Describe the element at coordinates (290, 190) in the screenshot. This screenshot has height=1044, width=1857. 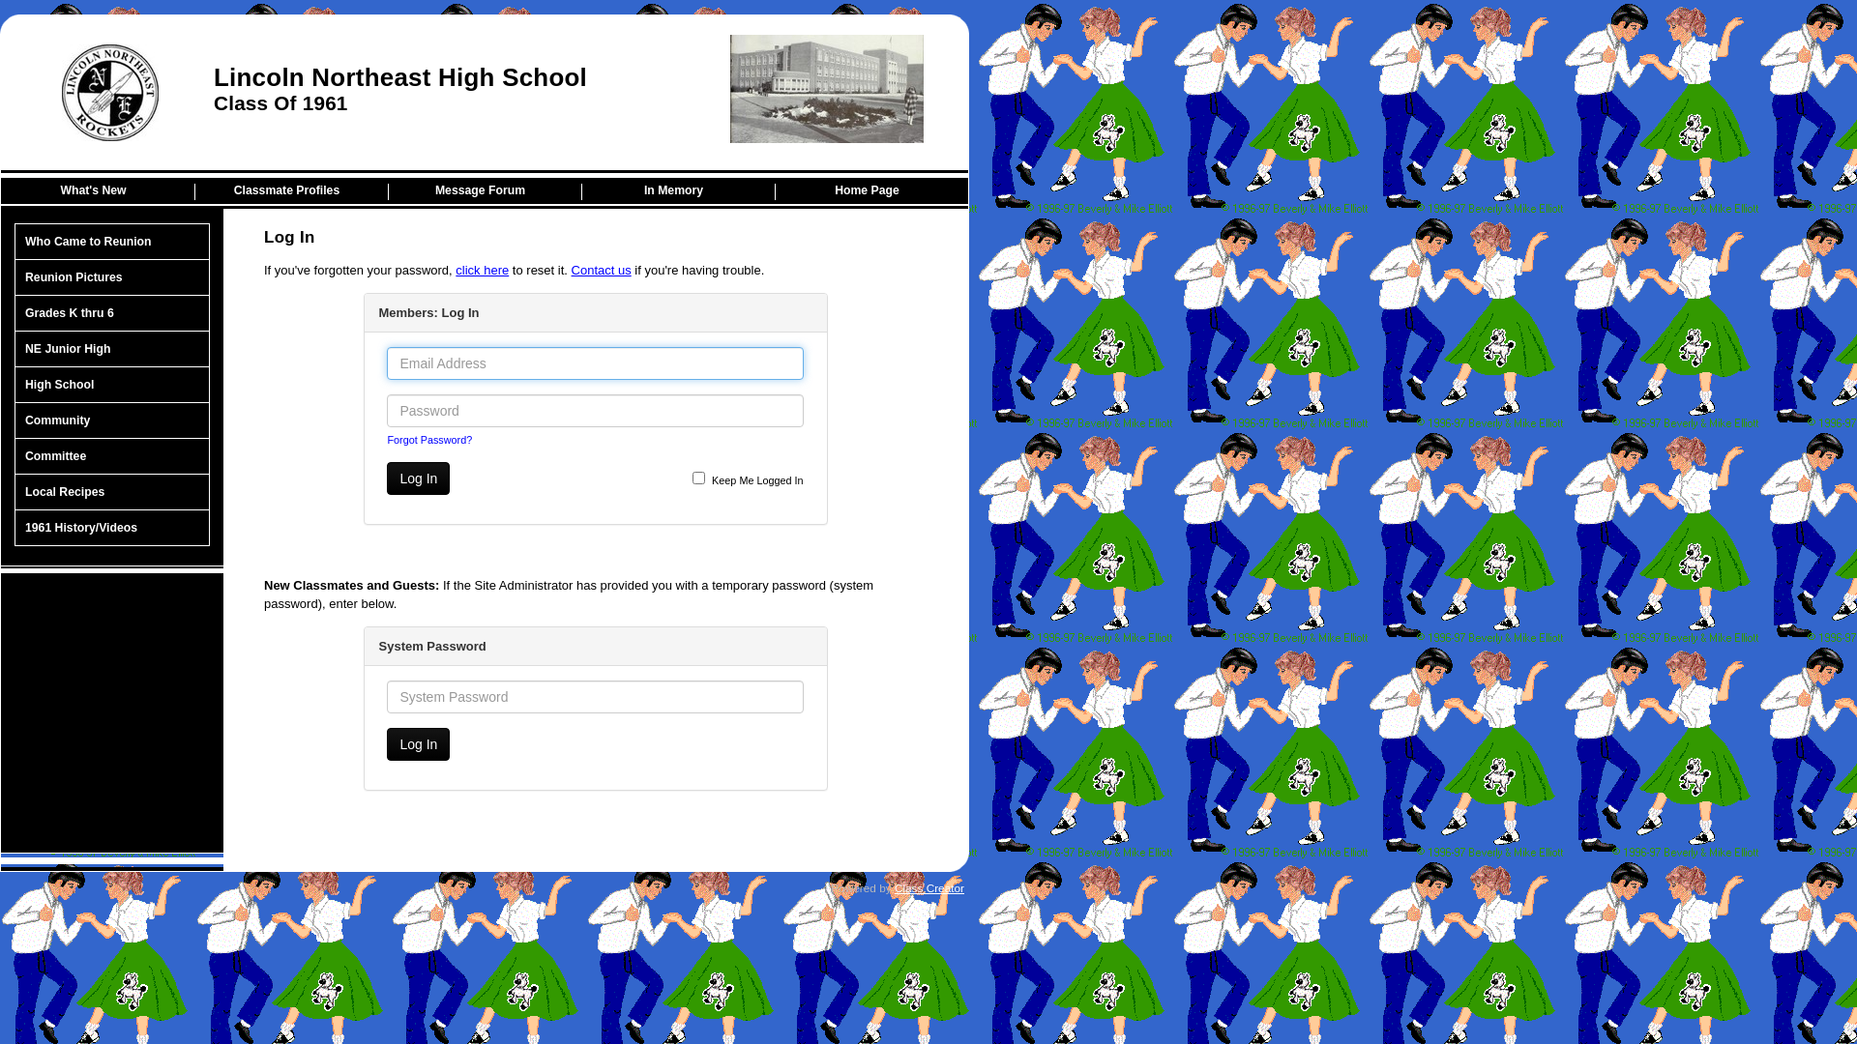
I see `'Classmate Profiles'` at that location.